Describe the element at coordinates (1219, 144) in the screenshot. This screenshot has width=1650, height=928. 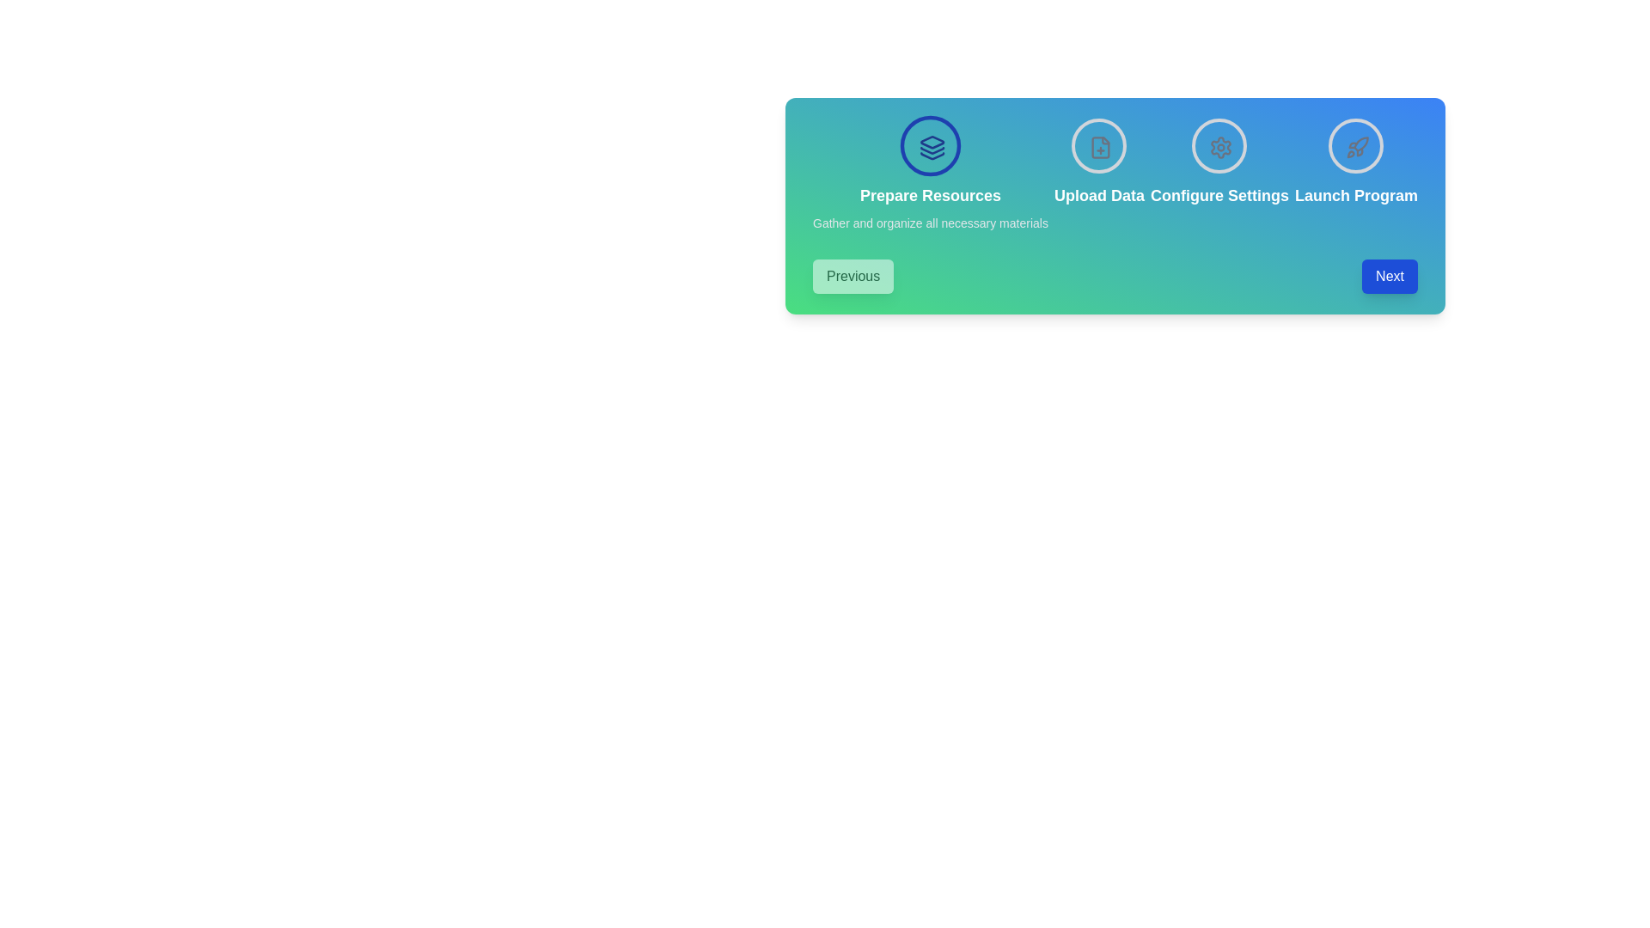
I see `the step icon corresponding to Configure Settings` at that location.